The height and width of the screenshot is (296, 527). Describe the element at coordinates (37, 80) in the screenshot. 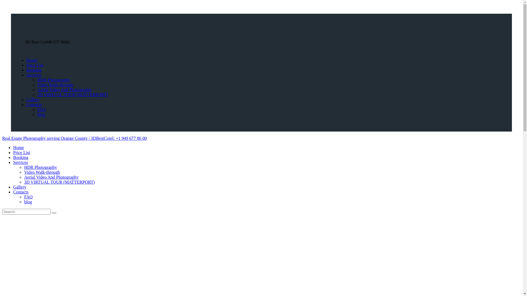

I see `'HDR Photography'` at that location.